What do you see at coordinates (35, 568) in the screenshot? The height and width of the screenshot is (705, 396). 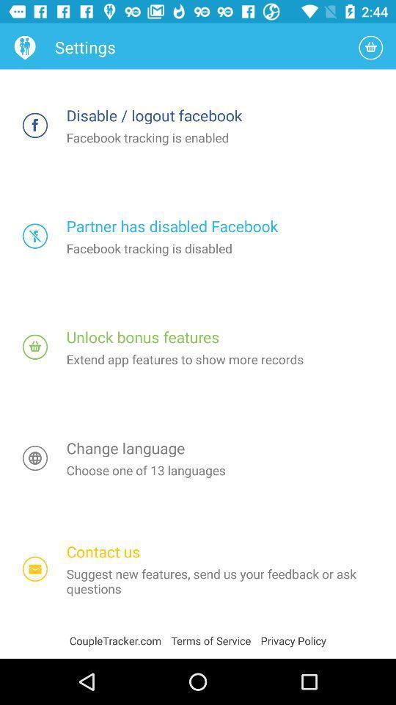 I see `contact developer` at bounding box center [35, 568].